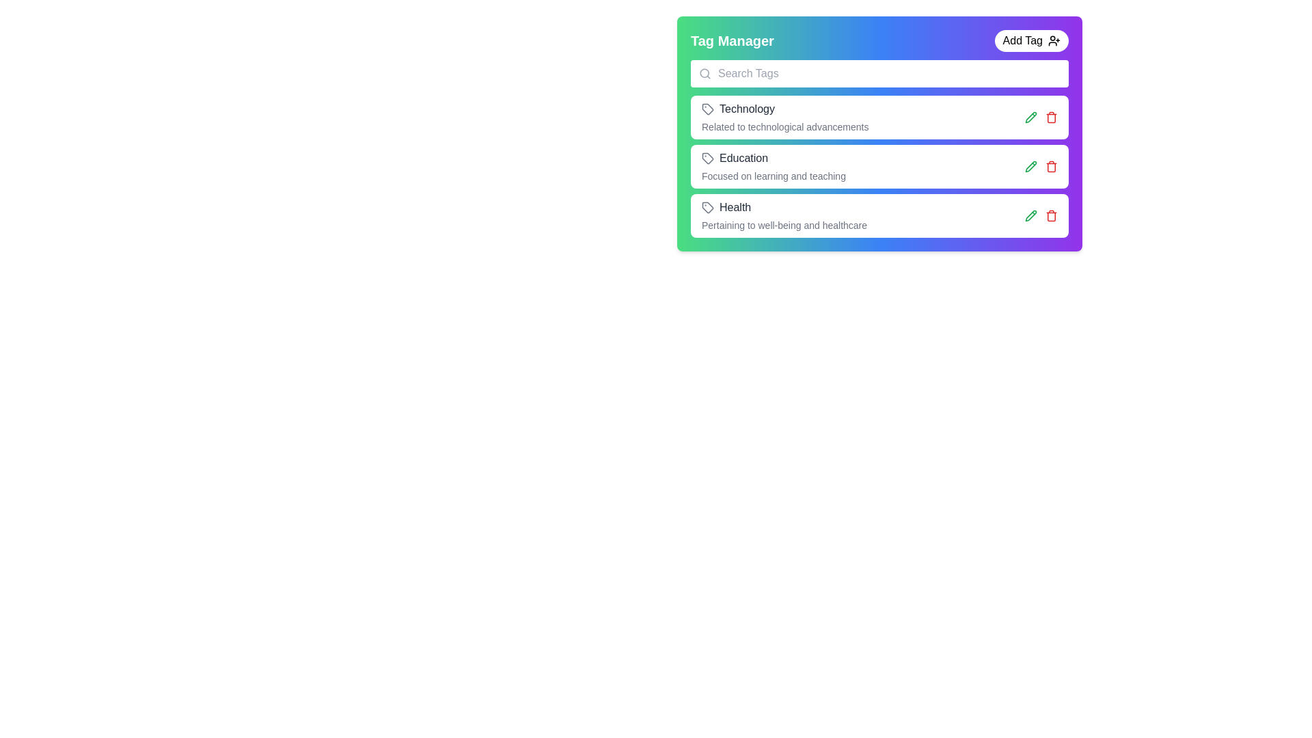 The height and width of the screenshot is (738, 1312). Describe the element at coordinates (708, 157) in the screenshot. I see `the tag icon that resembles a price tag or label, which is styled with a light gray outline and a circular cutout, located near the 'Education' label in the Tag Manager panel` at that location.